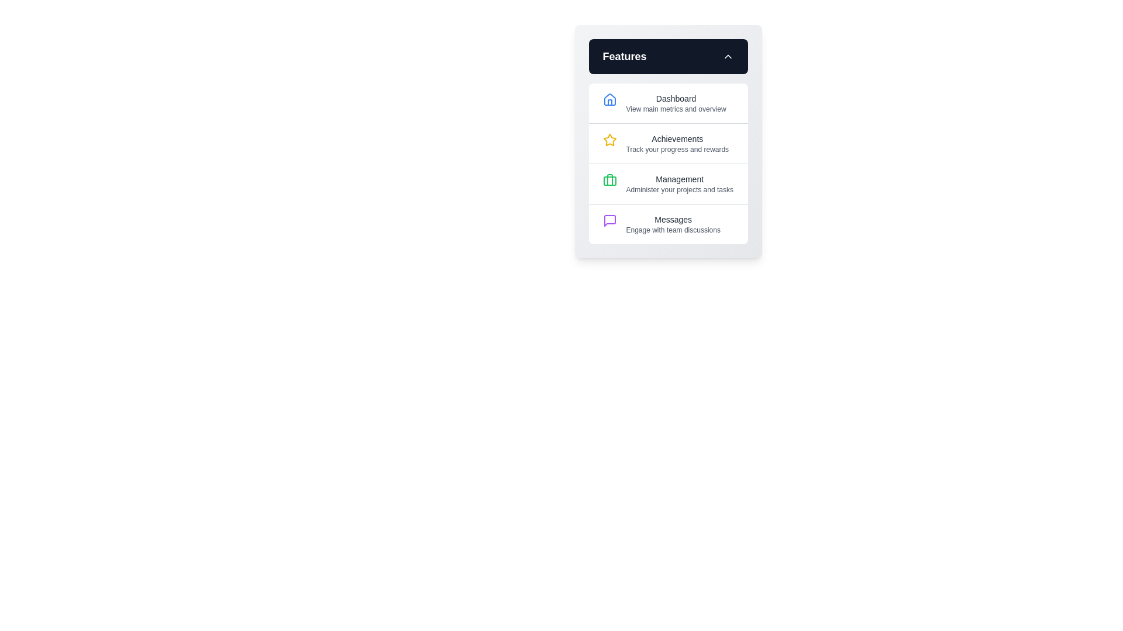 The height and width of the screenshot is (631, 1123). I want to click on the text label that guides users, so click(676, 103).